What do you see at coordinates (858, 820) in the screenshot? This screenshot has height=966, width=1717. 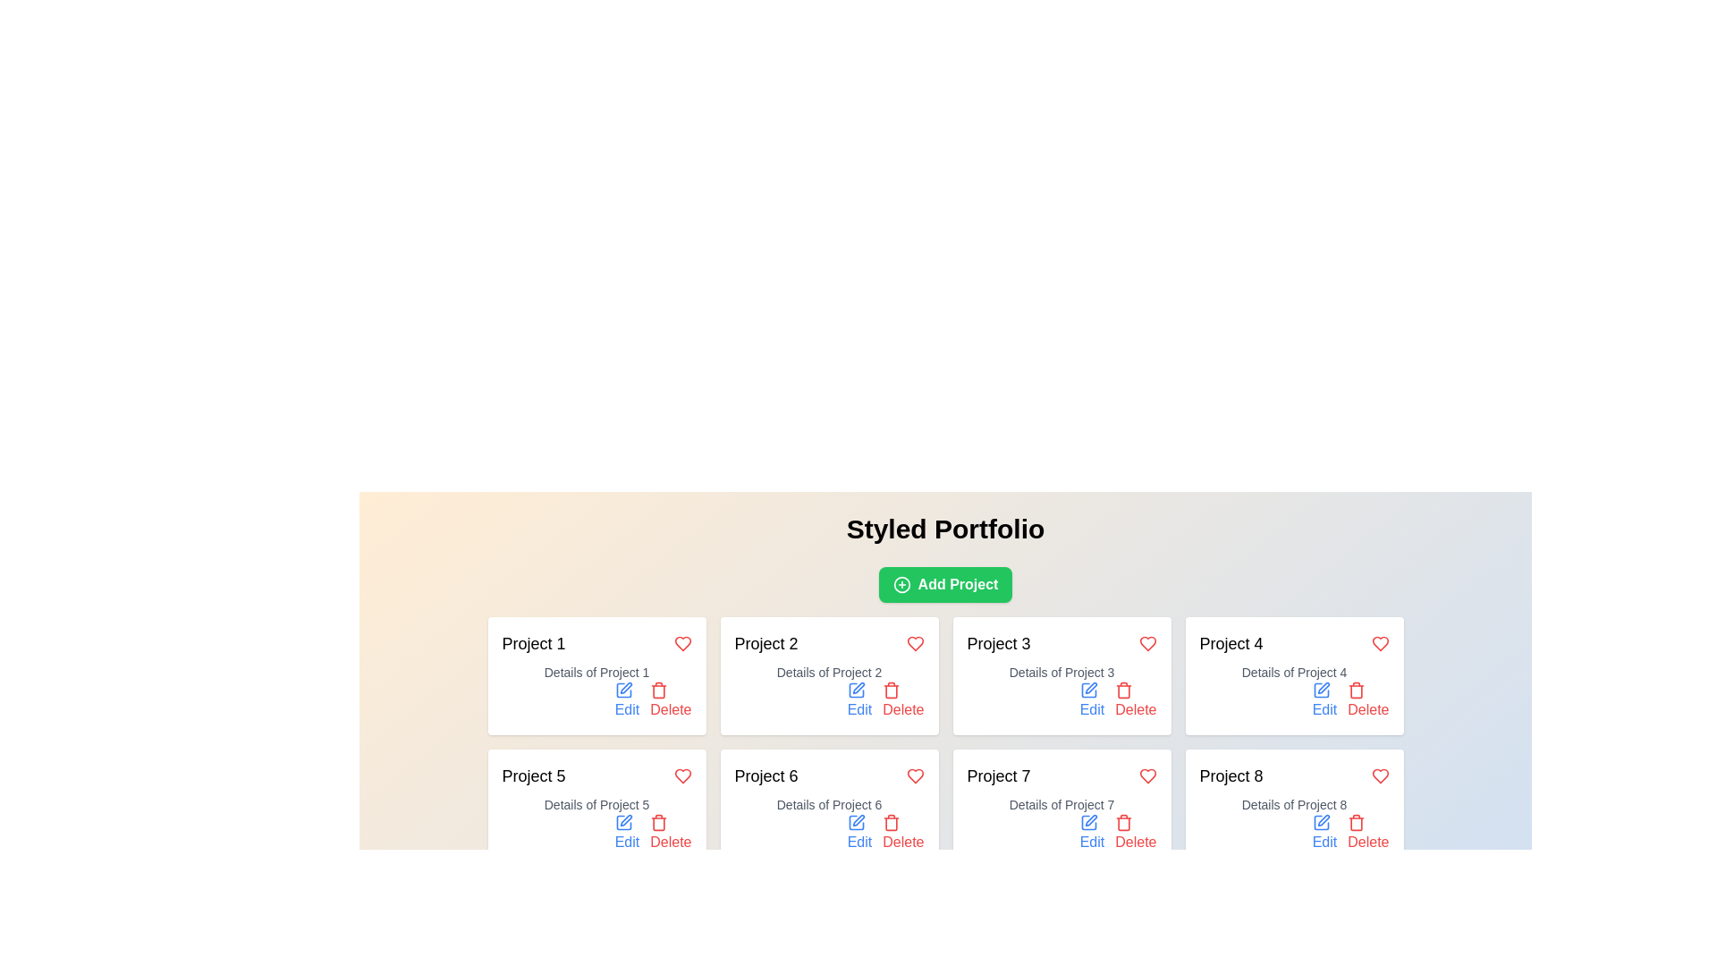 I see `the pen-shaped icon located next to the 'Edit' button in the 'Project 6' card for interaction` at bounding box center [858, 820].